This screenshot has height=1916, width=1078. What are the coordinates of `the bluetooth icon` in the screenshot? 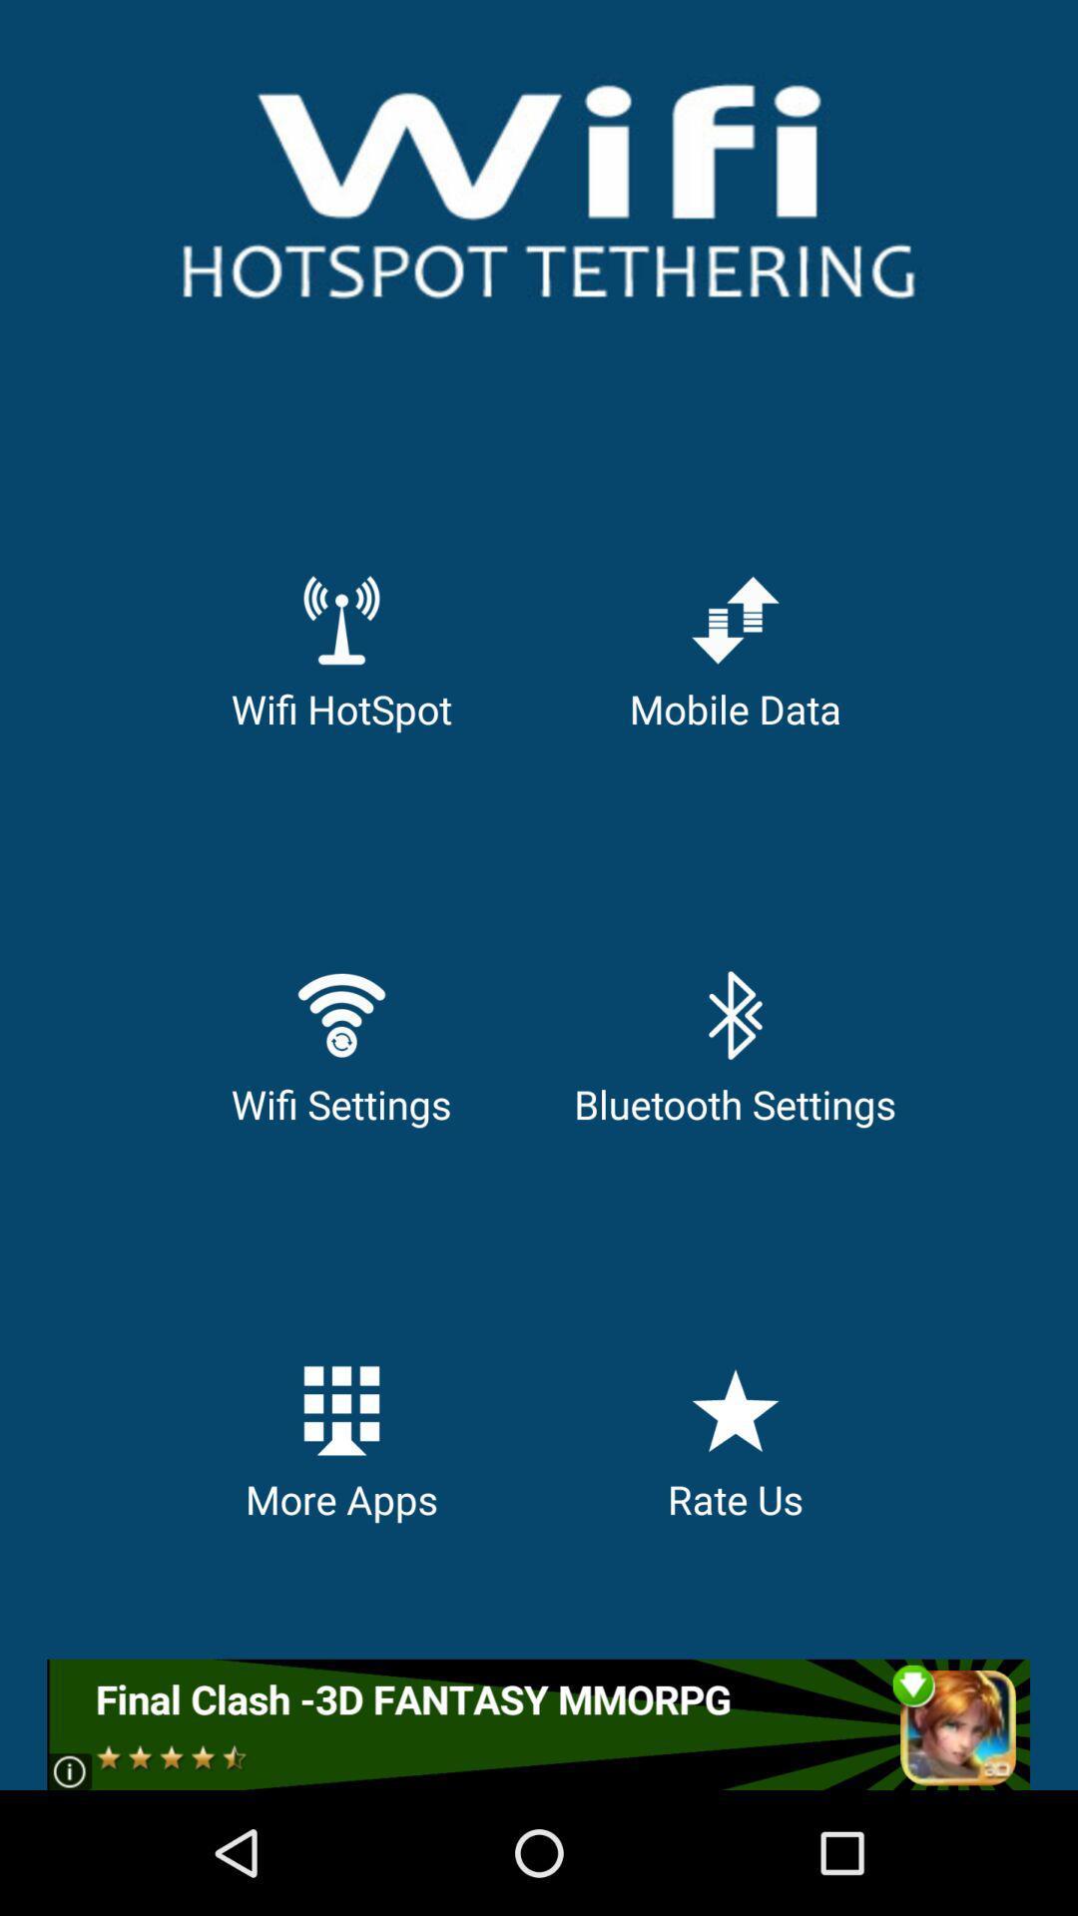 It's located at (735, 1015).